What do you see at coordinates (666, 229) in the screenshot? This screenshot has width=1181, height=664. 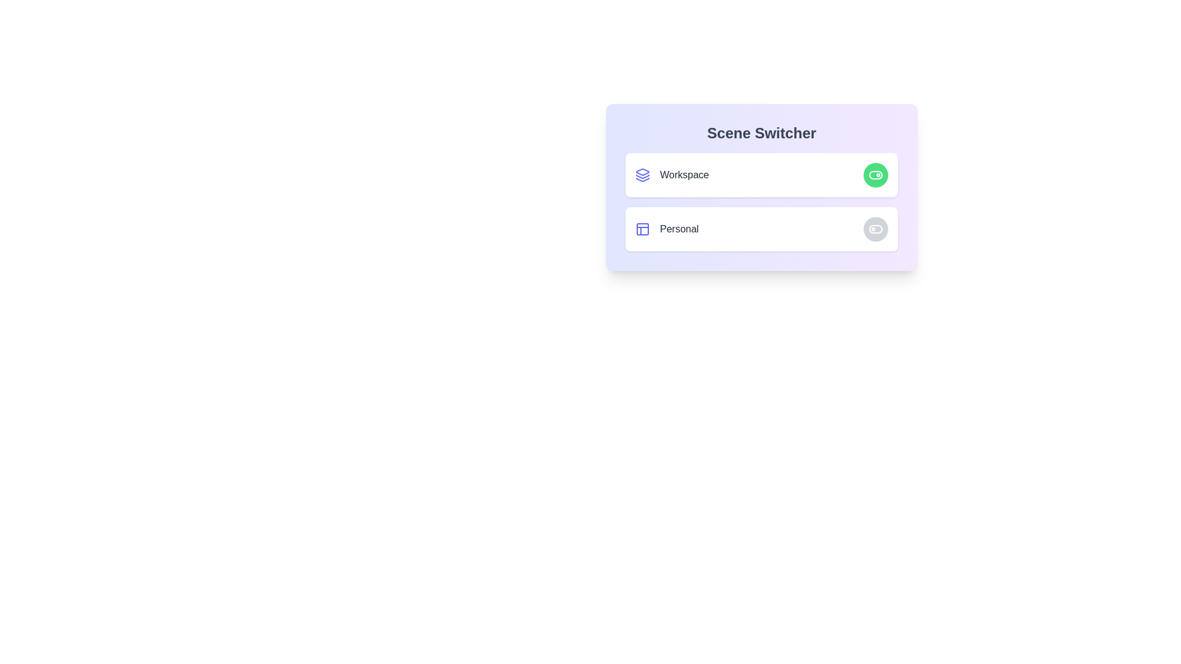 I see `the textual content of the 'Personal' label, which is styled with a medium gray font and is positioned inline with a small icon in a soft blue box, located within the scene-switching options card` at bounding box center [666, 229].